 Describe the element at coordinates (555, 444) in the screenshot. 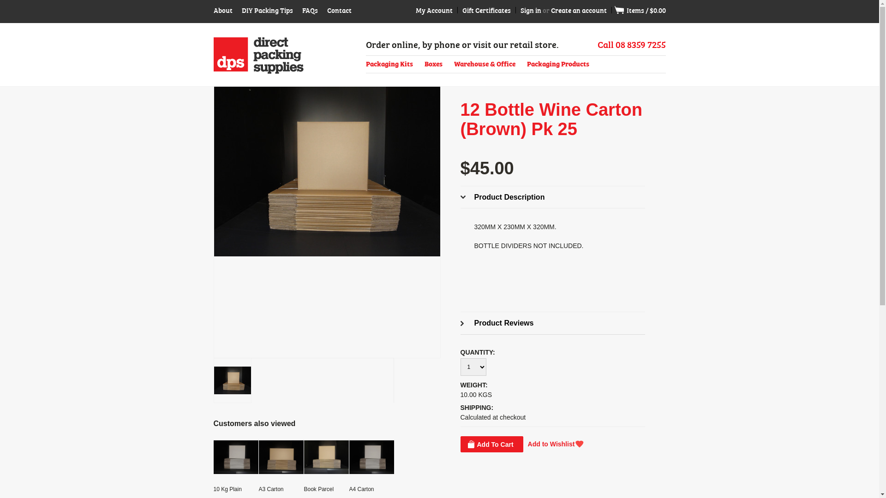

I see `'Add to Wishlist'` at that location.